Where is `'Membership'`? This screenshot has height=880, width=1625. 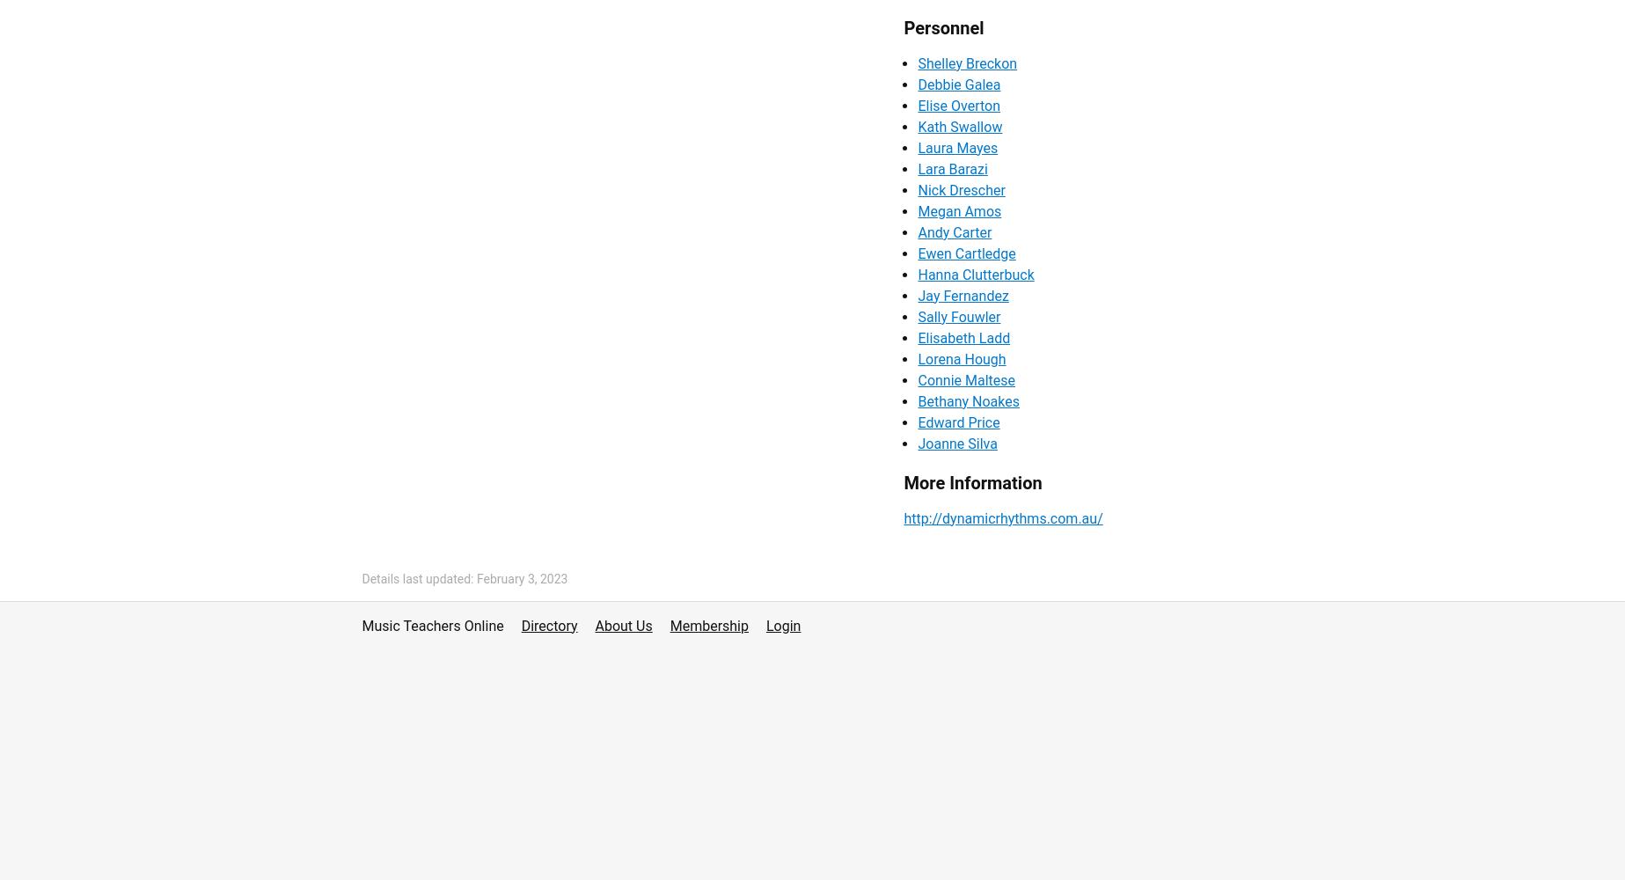
'Membership' is located at coordinates (709, 624).